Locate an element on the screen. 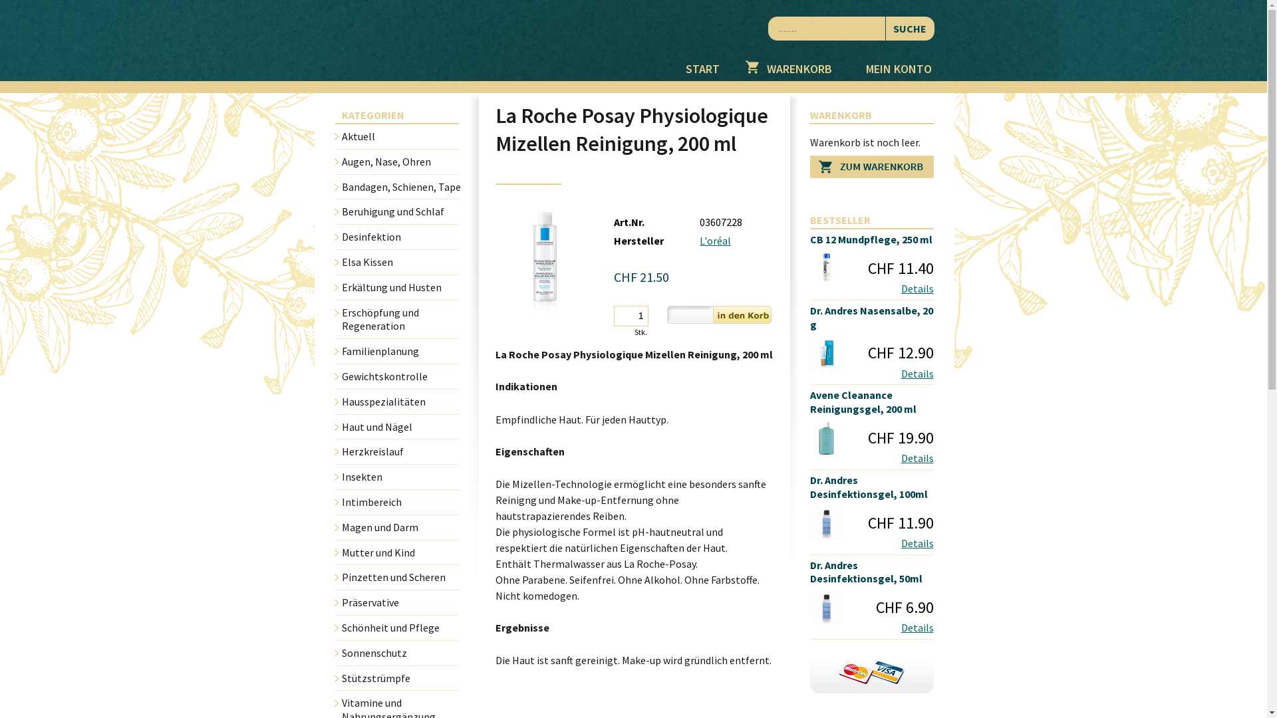 The image size is (1277, 718). 'Gewichtskontrolle' is located at coordinates (399, 376).